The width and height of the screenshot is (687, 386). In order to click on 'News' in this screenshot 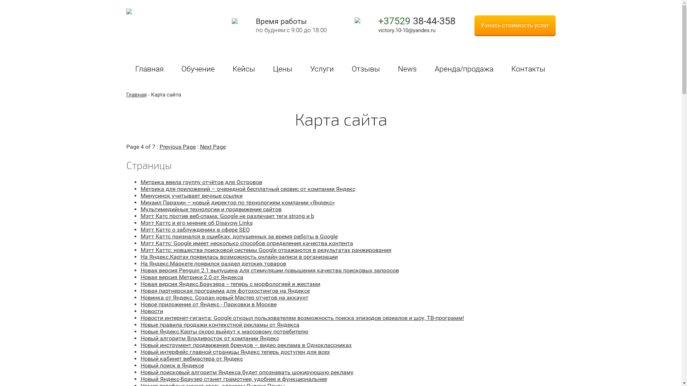, I will do `click(407, 70)`.